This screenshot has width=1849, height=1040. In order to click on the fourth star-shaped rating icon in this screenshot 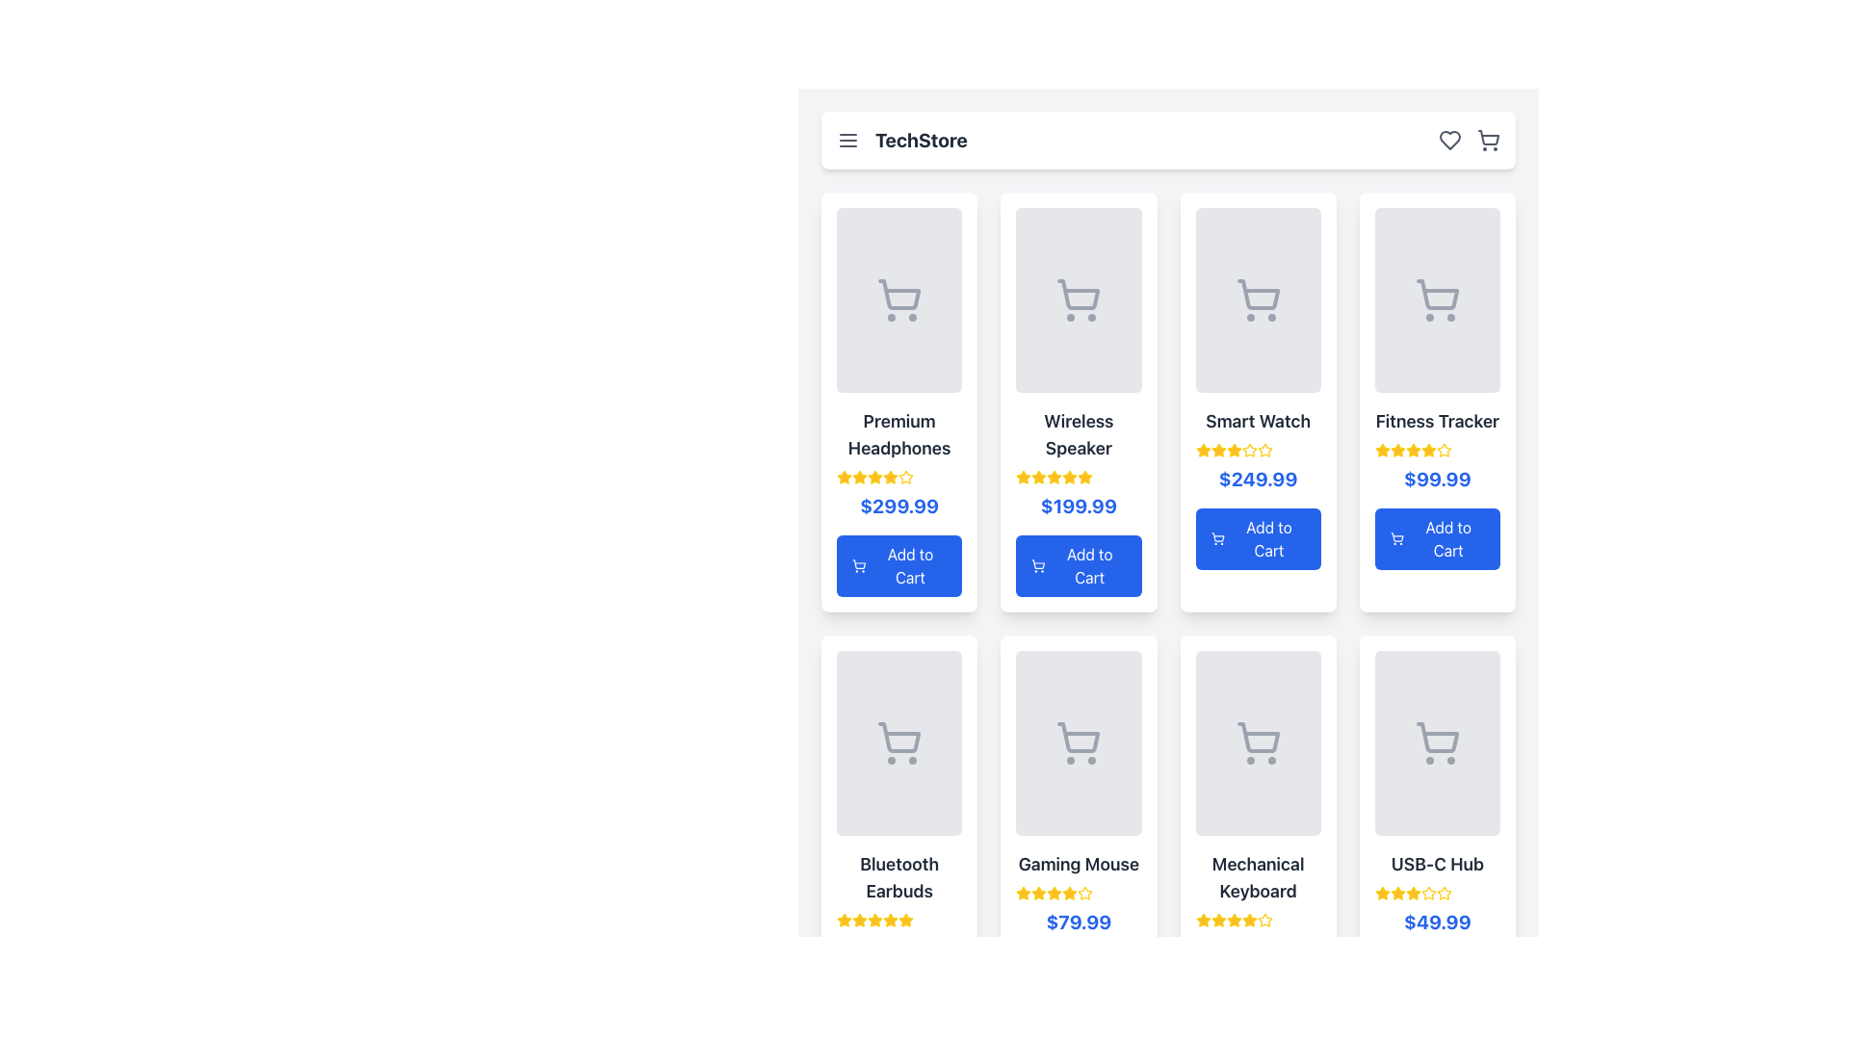, I will do `click(873, 920)`.